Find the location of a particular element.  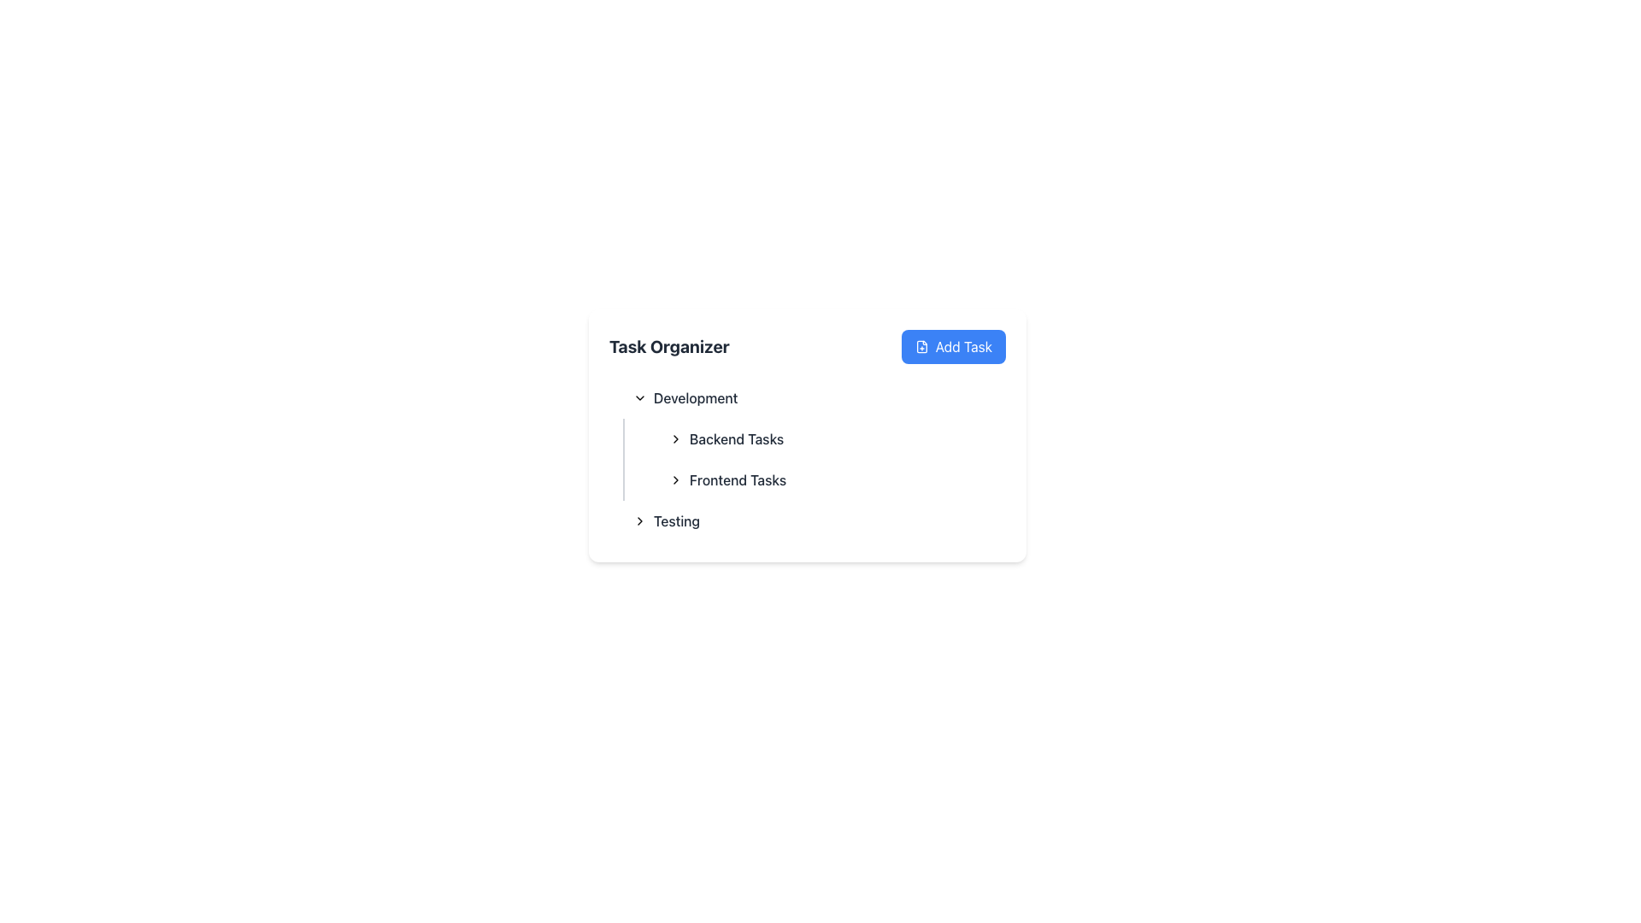

the downward-pointing chevron arrow icon located to the left of the 'Development' text is located at coordinates (638, 398).